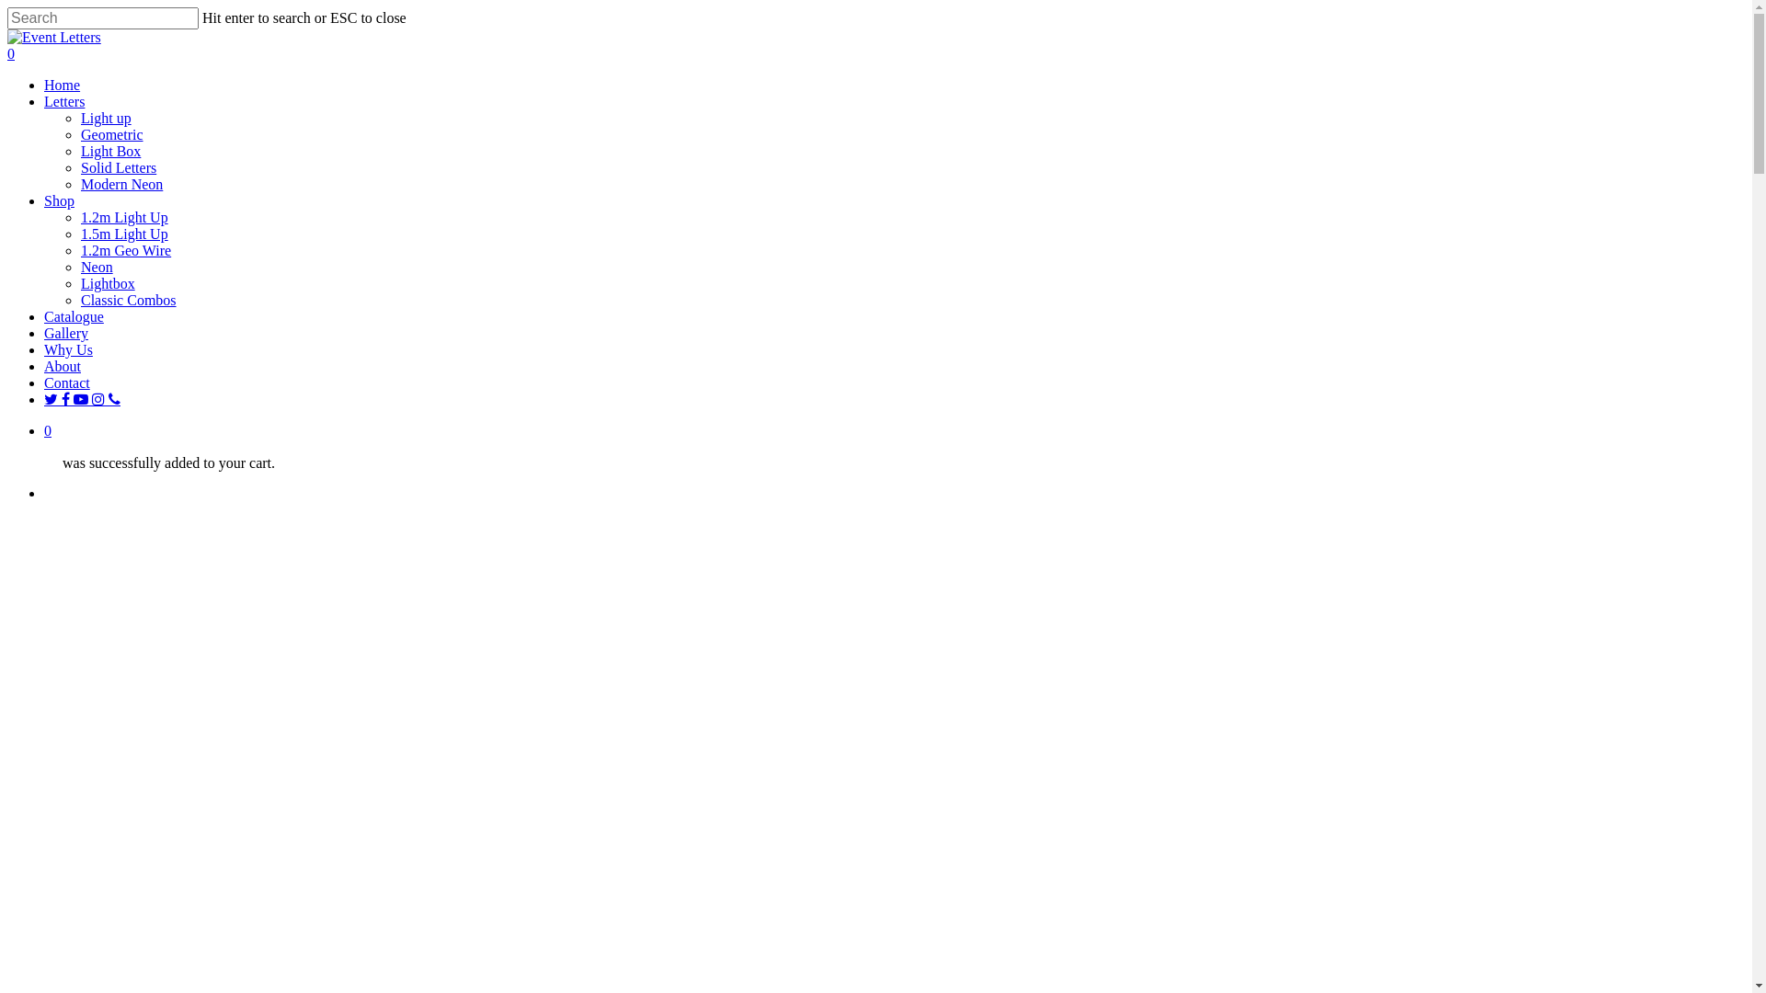  Describe the element at coordinates (96, 267) in the screenshot. I see `'Neon'` at that location.